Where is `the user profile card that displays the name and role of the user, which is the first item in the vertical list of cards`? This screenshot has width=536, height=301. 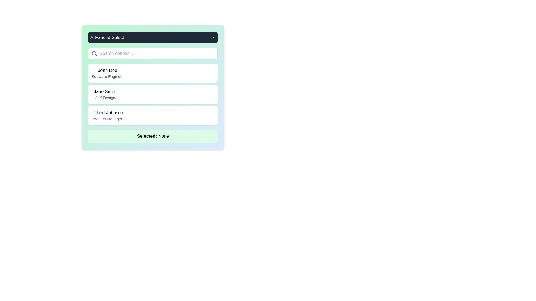
the user profile card that displays the name and role of the user, which is the first item in the vertical list of cards is located at coordinates (153, 73).